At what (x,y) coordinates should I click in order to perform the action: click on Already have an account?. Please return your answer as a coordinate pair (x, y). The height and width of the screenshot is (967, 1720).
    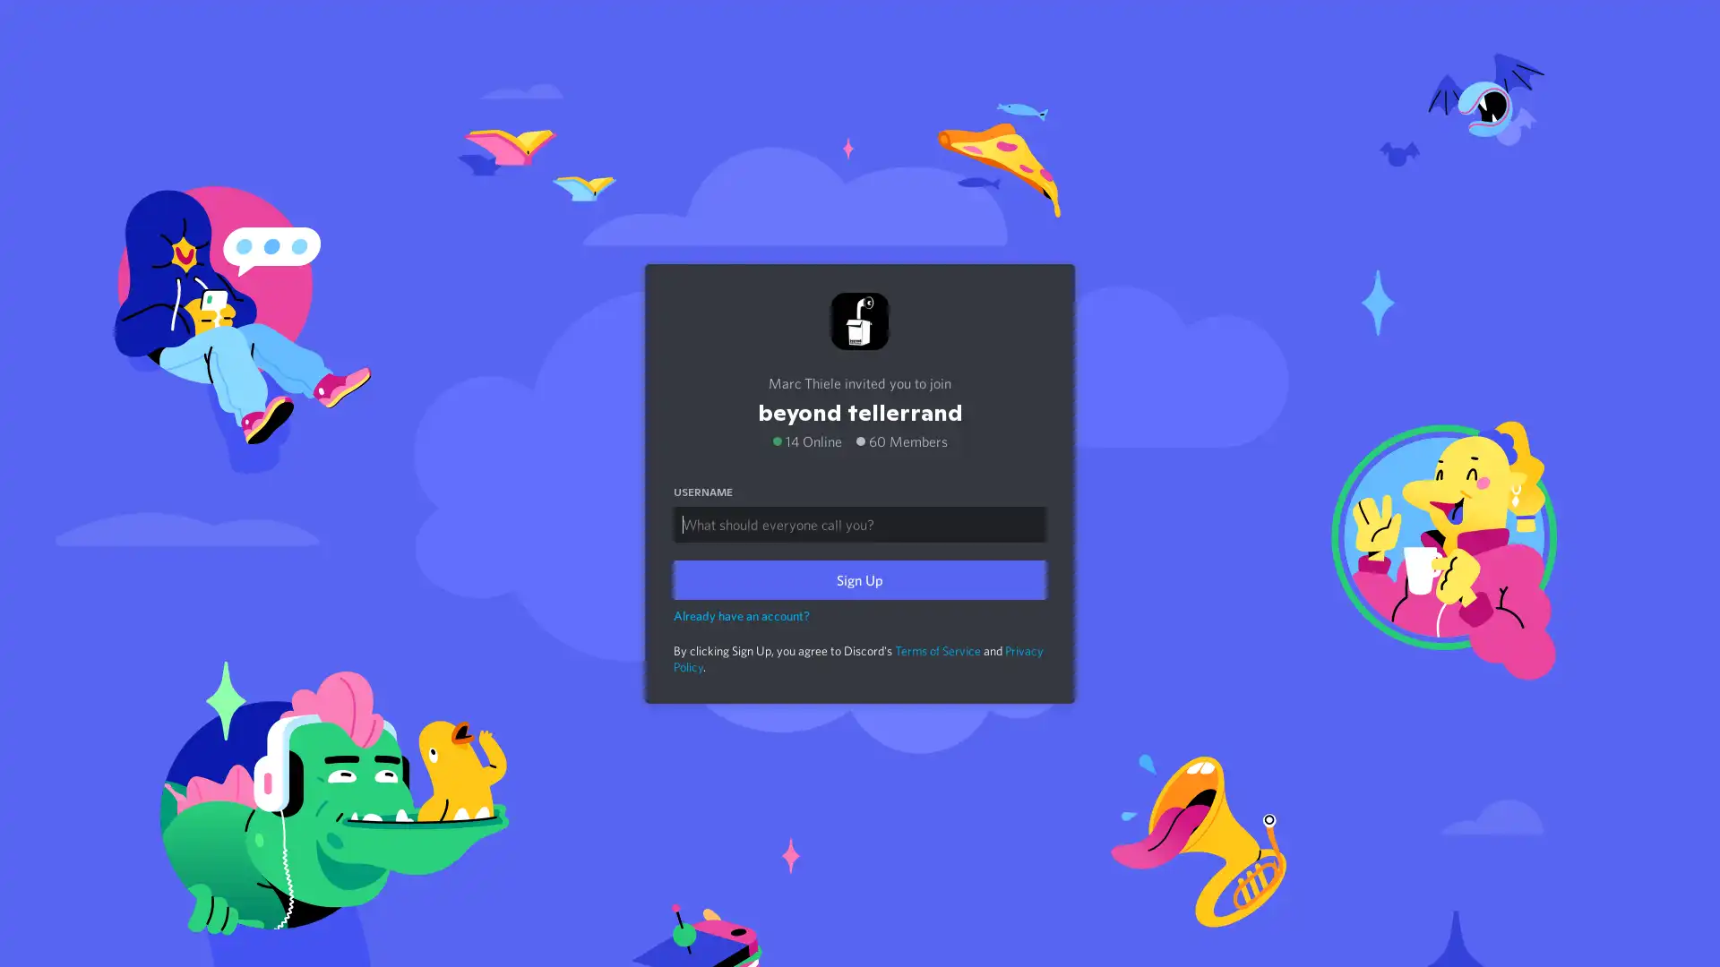
    Looking at the image, I should click on (742, 613).